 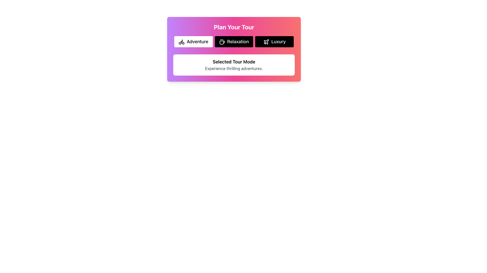 What do you see at coordinates (266, 42) in the screenshot?
I see `the airplane icon representing the 'Luxury' option in the selection menu, which is the third button labeled 'Luxury' in the horizontal selection component` at bounding box center [266, 42].